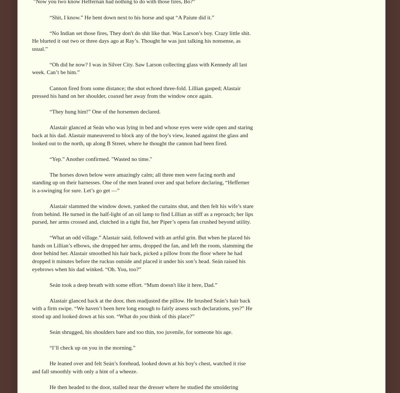  What do you see at coordinates (170, 315) in the screenshot?
I see `'think of this place?”'` at bounding box center [170, 315].